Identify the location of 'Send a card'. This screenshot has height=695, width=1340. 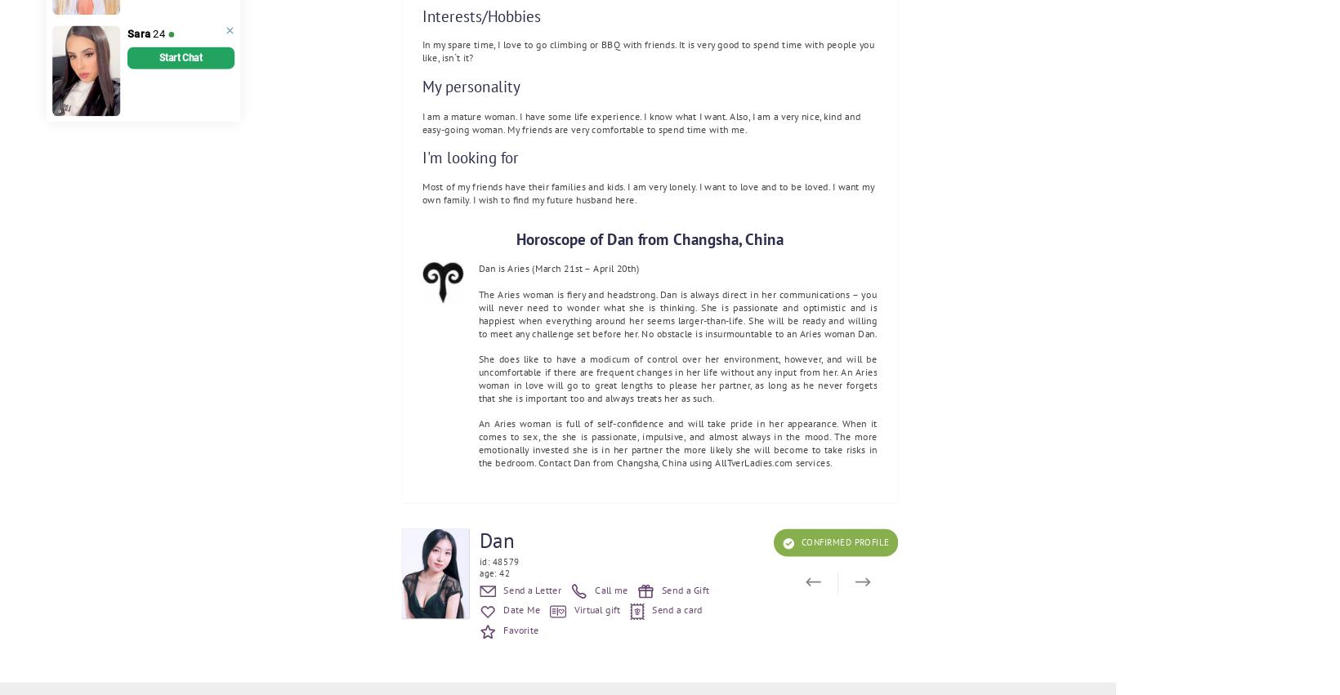
(675, 610).